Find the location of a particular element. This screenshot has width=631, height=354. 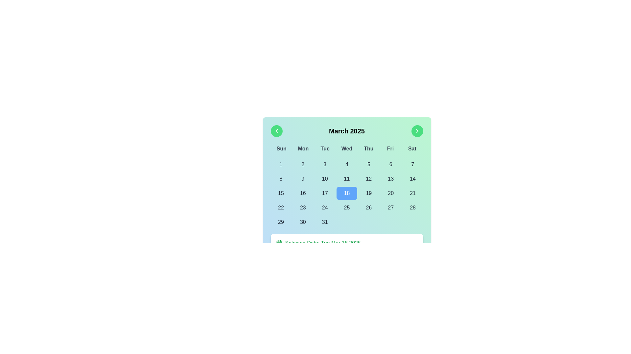

the rounded rectangular button displaying '29' is located at coordinates (281, 222).